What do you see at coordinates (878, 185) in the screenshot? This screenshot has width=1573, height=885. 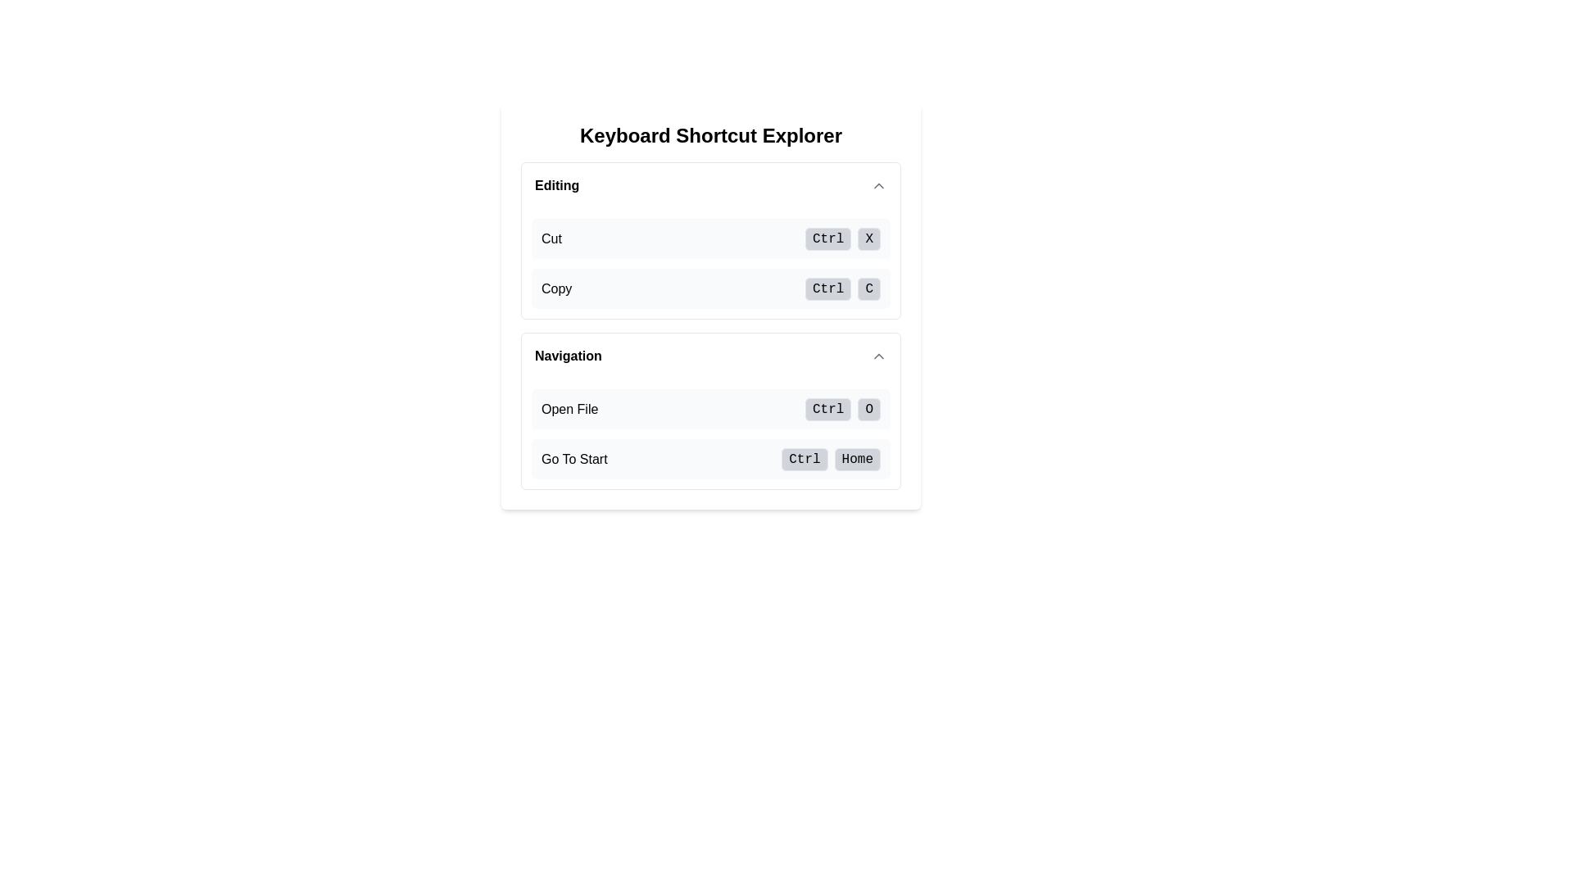 I see `the chevron arrow icon on the far-right side of the 'Editing' section` at bounding box center [878, 185].